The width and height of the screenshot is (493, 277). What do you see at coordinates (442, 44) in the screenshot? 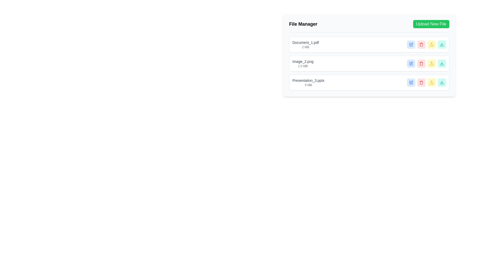
I see `the download button for the file 'Presentation_3.pptx'` at bounding box center [442, 44].